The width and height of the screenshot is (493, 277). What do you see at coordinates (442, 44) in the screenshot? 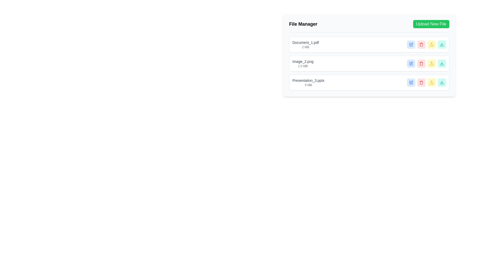
I see `the download button for the file 'Presentation_3.pptx'` at bounding box center [442, 44].